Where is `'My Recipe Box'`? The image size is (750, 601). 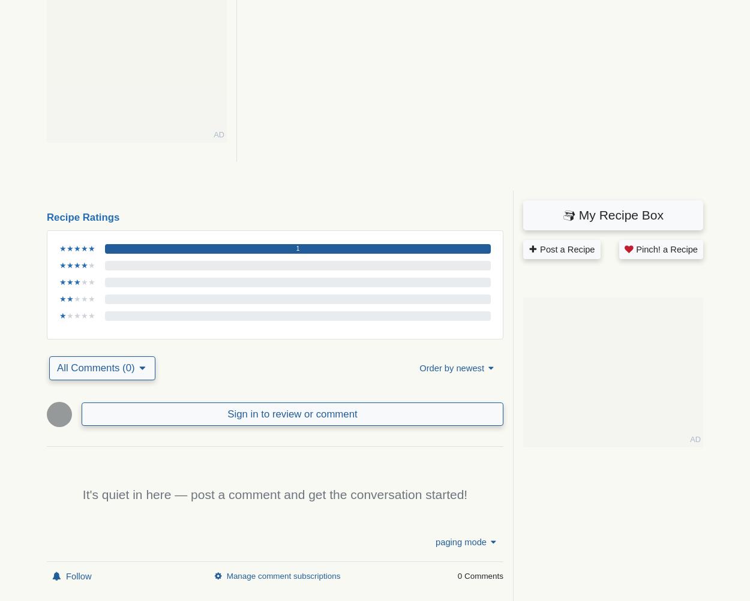 'My Recipe Box' is located at coordinates (619, 215).